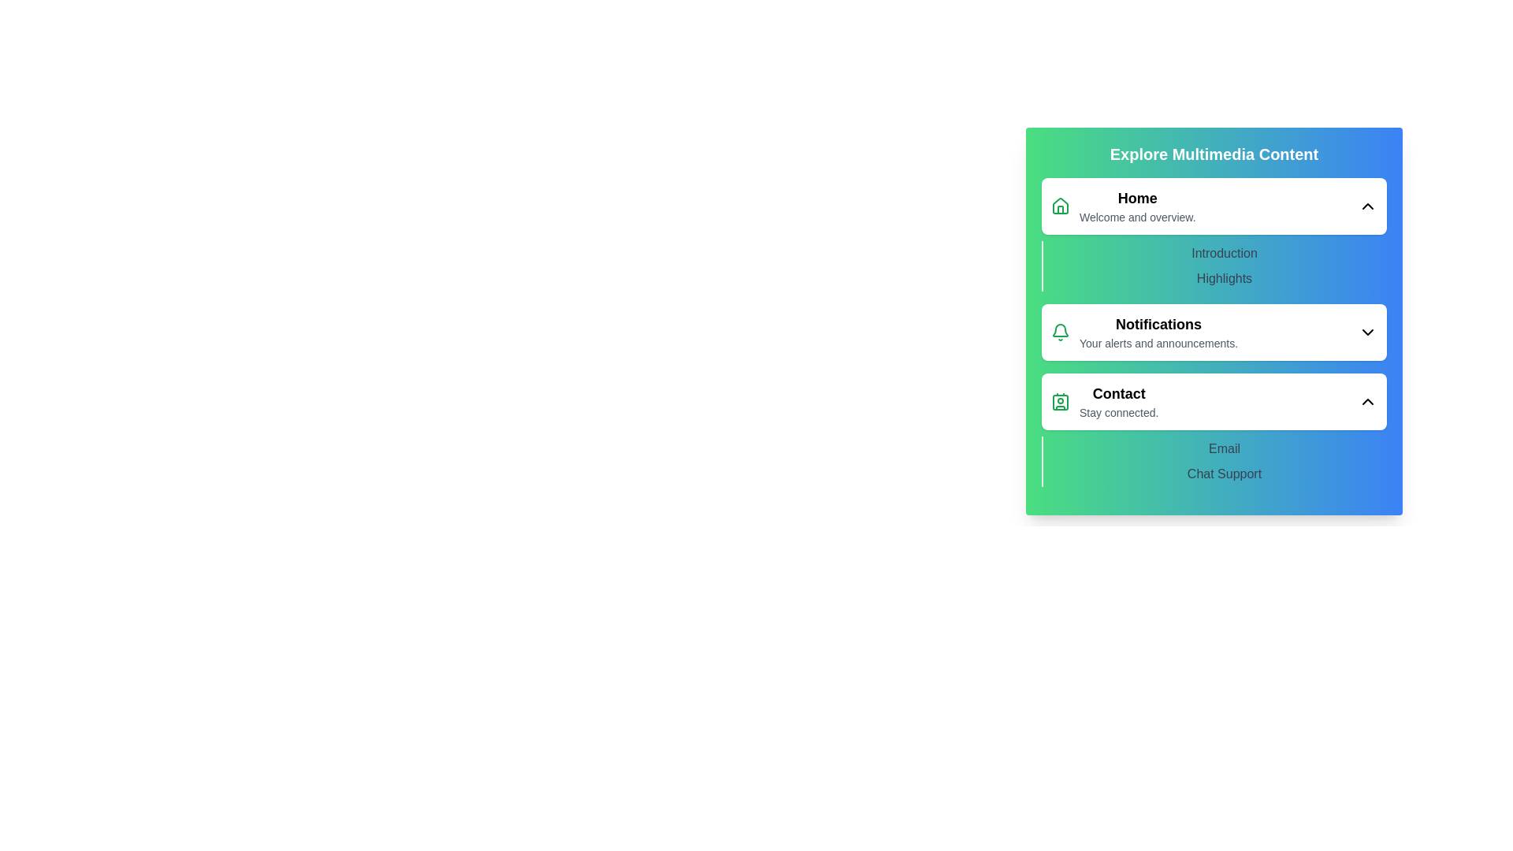 The width and height of the screenshot is (1513, 851). What do you see at coordinates (1224, 252) in the screenshot?
I see `the sub-item Introduction within the expanded menu` at bounding box center [1224, 252].